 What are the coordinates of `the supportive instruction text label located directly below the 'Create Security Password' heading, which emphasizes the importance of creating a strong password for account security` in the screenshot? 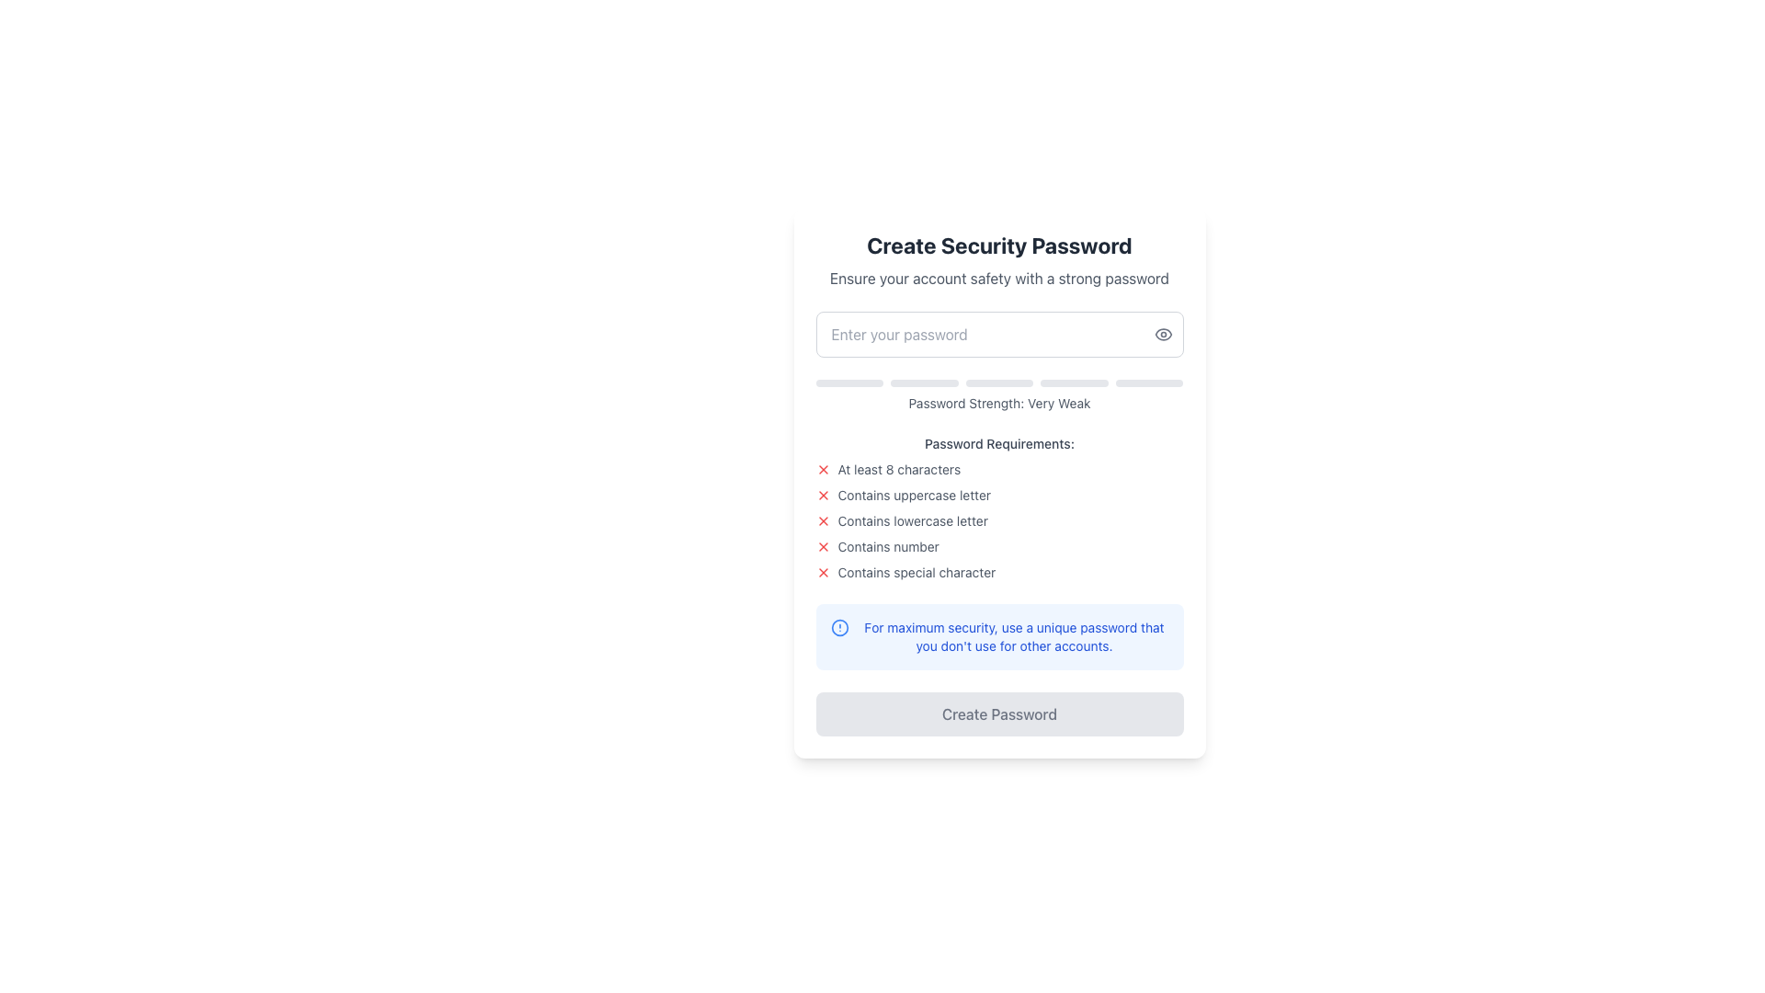 It's located at (998, 279).